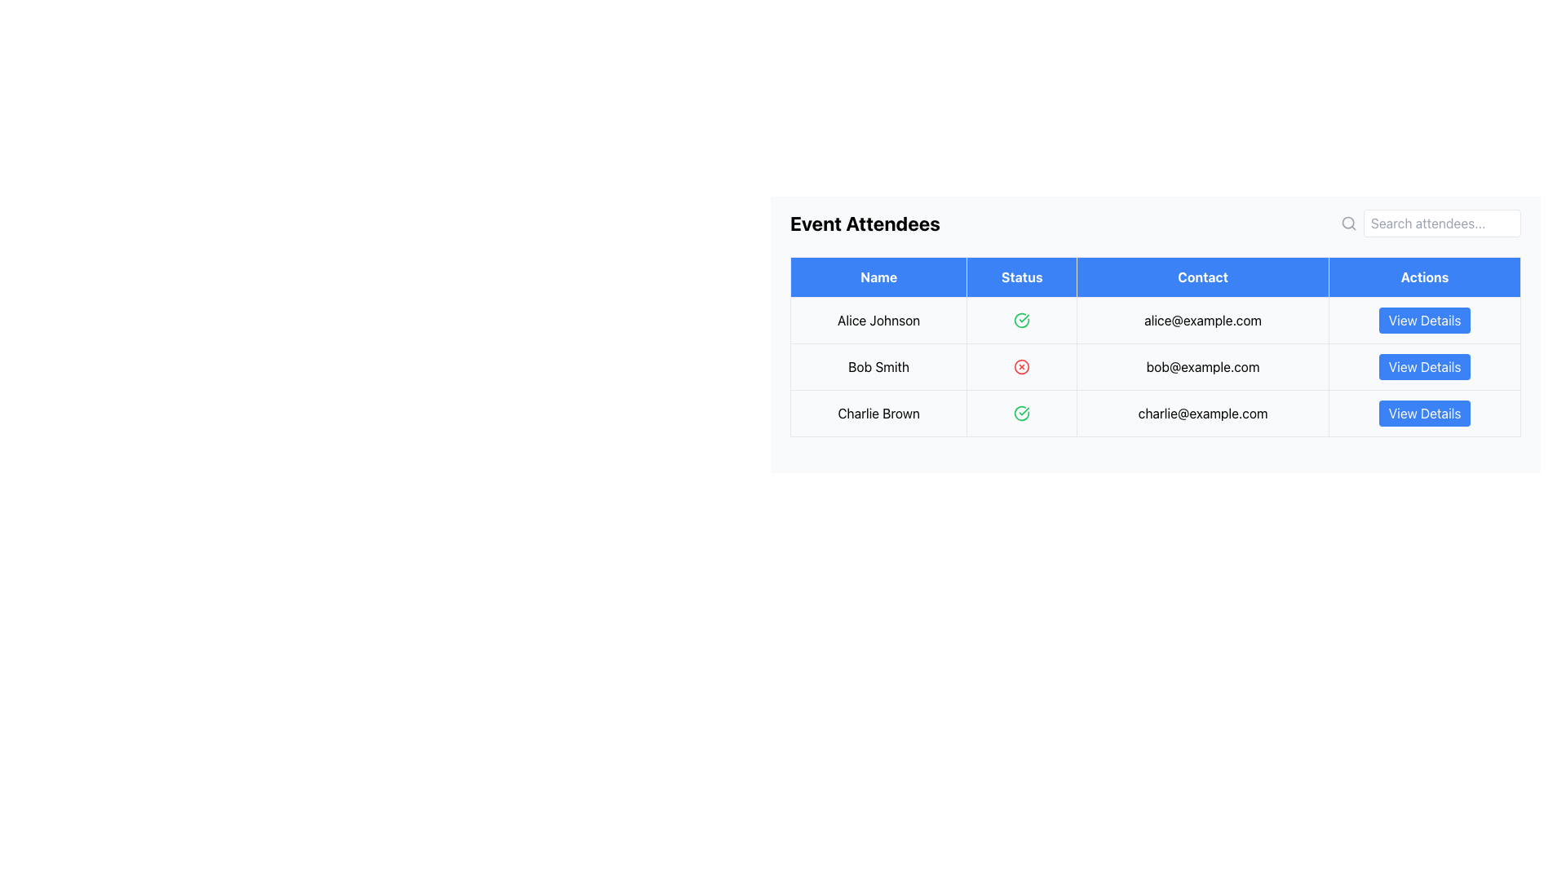  What do you see at coordinates (1424, 276) in the screenshot?
I see `the text label displaying 'Actions' in white font, located in the fourth column header of the attendee information table` at bounding box center [1424, 276].